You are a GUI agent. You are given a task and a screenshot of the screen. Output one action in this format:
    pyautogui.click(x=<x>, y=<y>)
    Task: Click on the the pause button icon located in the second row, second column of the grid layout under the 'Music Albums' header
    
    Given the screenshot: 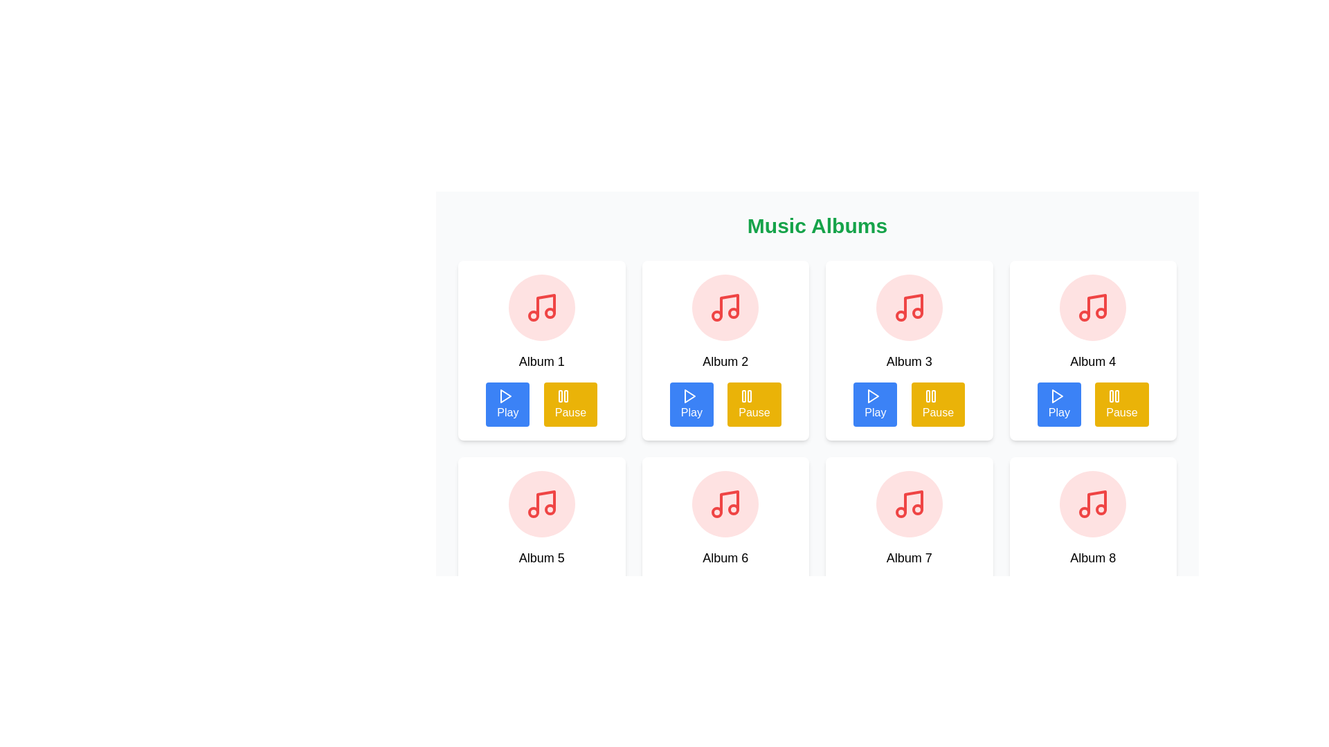 What is the action you would take?
    pyautogui.click(x=746, y=396)
    